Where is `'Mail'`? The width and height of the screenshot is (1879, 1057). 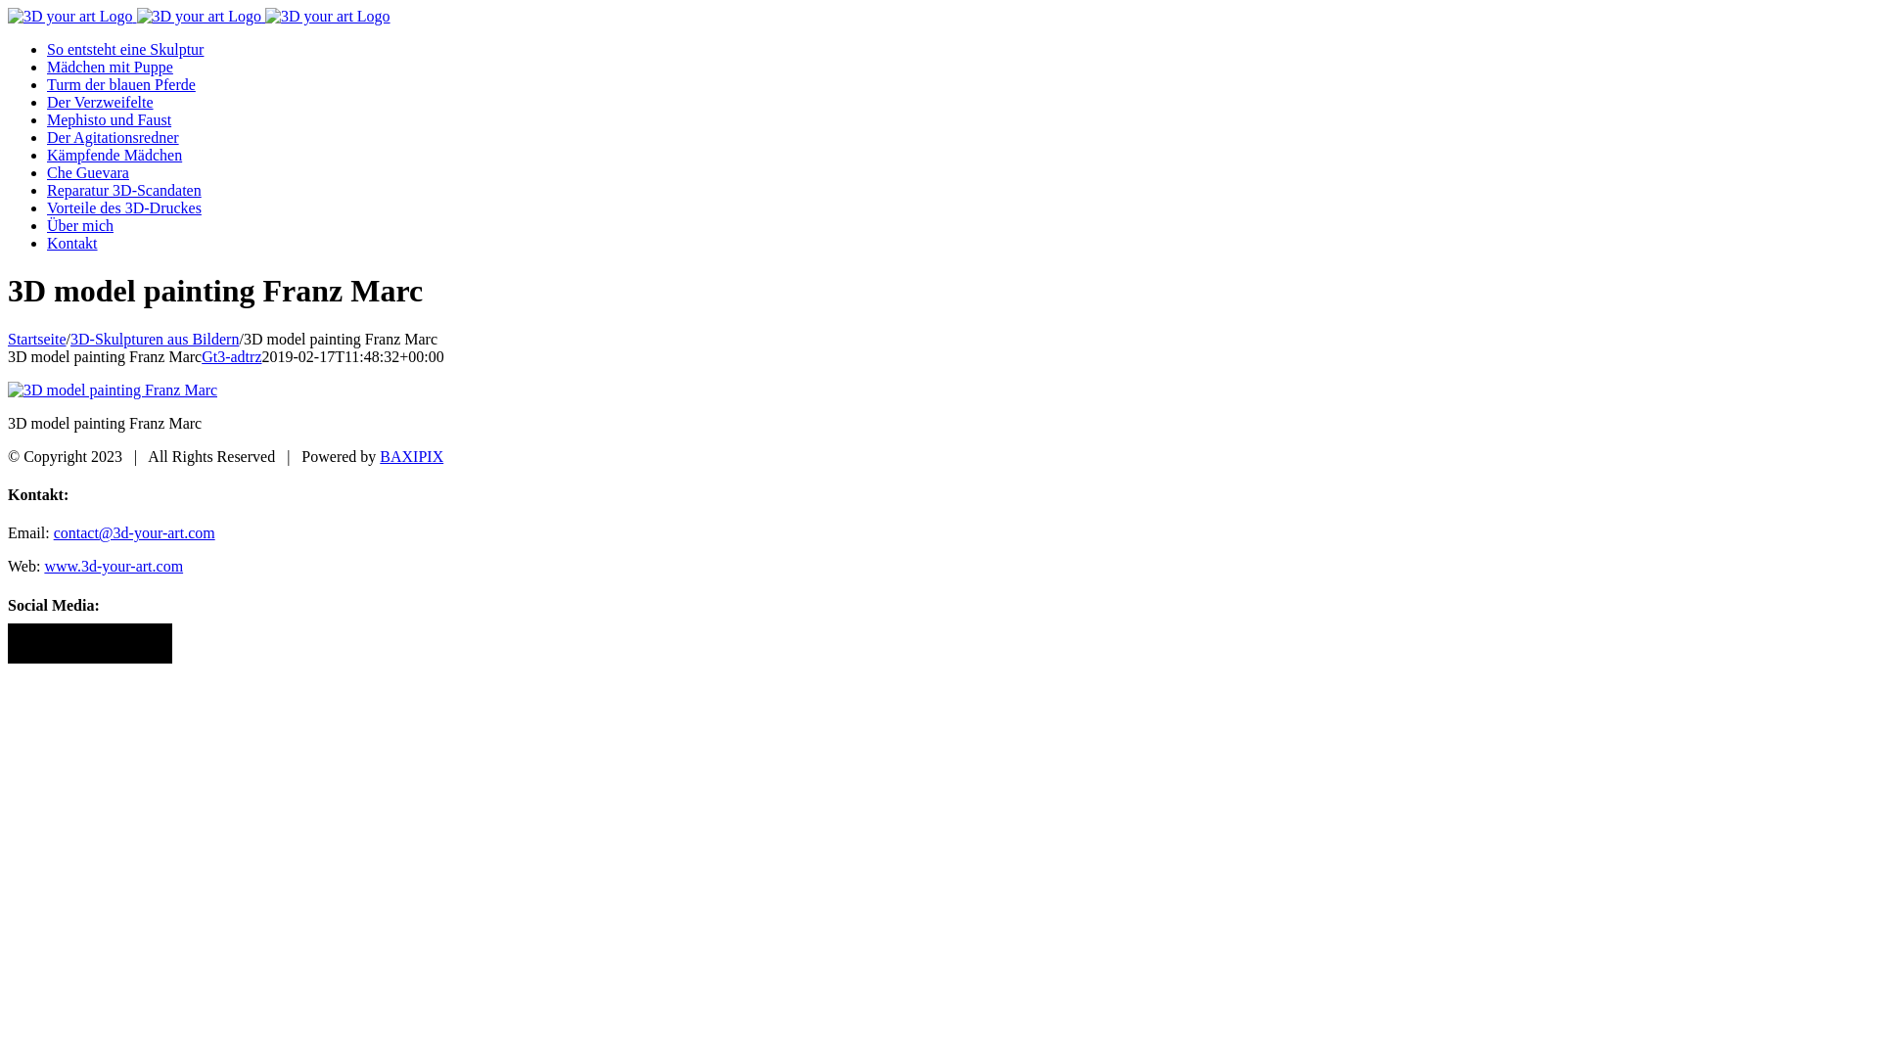
'Mail' is located at coordinates (160, 643).